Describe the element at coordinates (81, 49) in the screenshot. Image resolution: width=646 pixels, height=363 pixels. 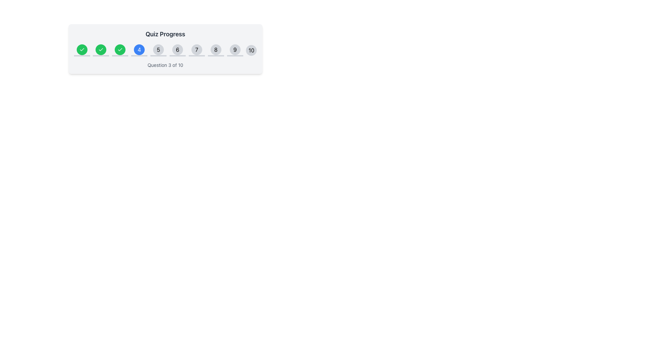
I see `the green circular icon with a checkmark that indicates a completed action in the quiz progress bar` at that location.